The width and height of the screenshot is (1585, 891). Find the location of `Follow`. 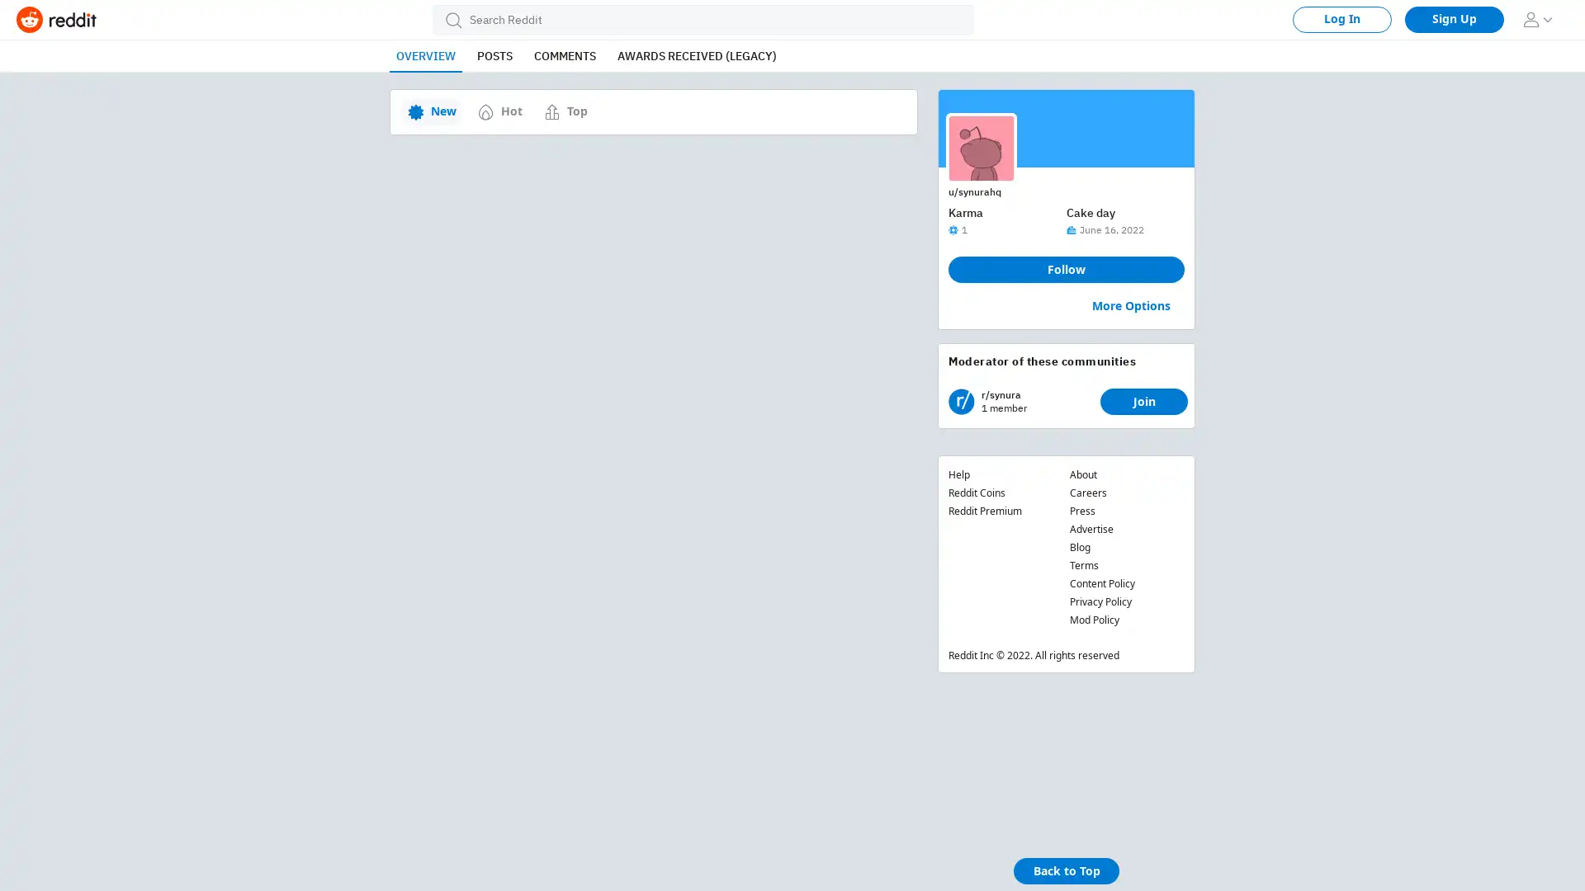

Follow is located at coordinates (1066, 269).